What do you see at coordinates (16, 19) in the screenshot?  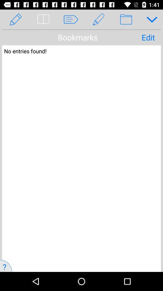 I see `the edit icon` at bounding box center [16, 19].